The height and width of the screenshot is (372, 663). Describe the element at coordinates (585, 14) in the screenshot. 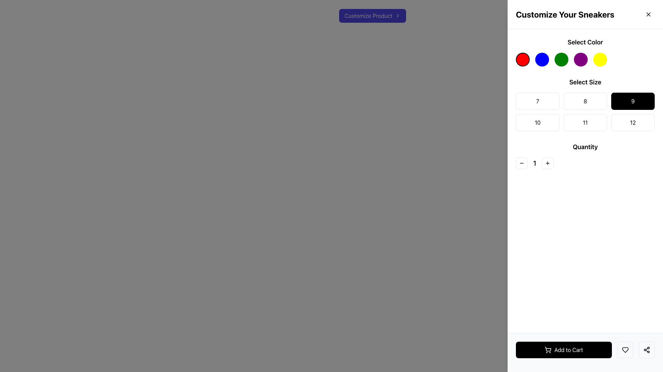

I see `text of the heading 'Customize Your Sneakers' which is positioned at the top of the right panel` at that location.